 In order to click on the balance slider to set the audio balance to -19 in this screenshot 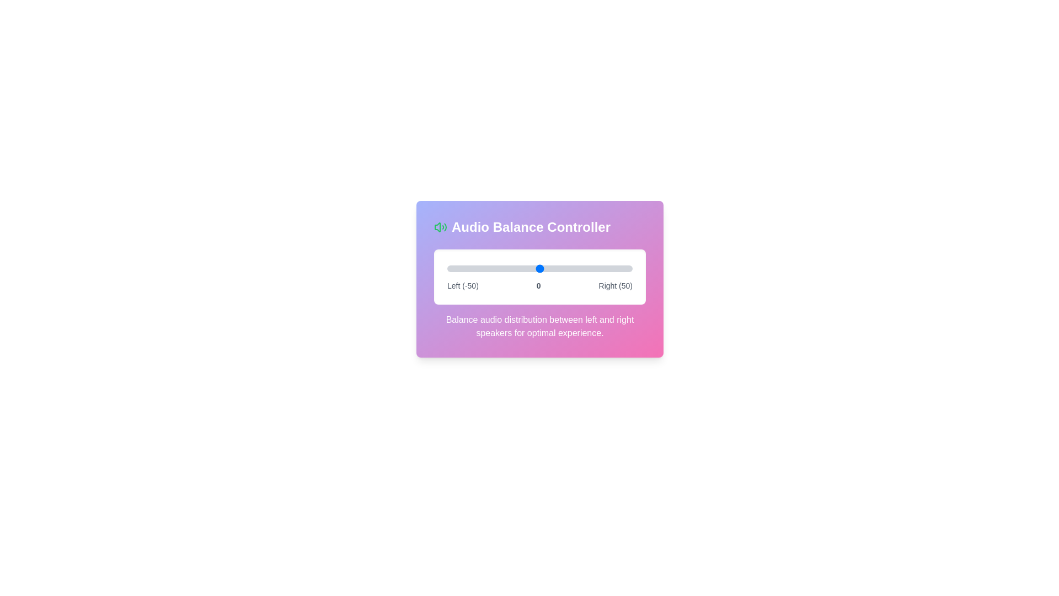, I will do `click(504, 268)`.